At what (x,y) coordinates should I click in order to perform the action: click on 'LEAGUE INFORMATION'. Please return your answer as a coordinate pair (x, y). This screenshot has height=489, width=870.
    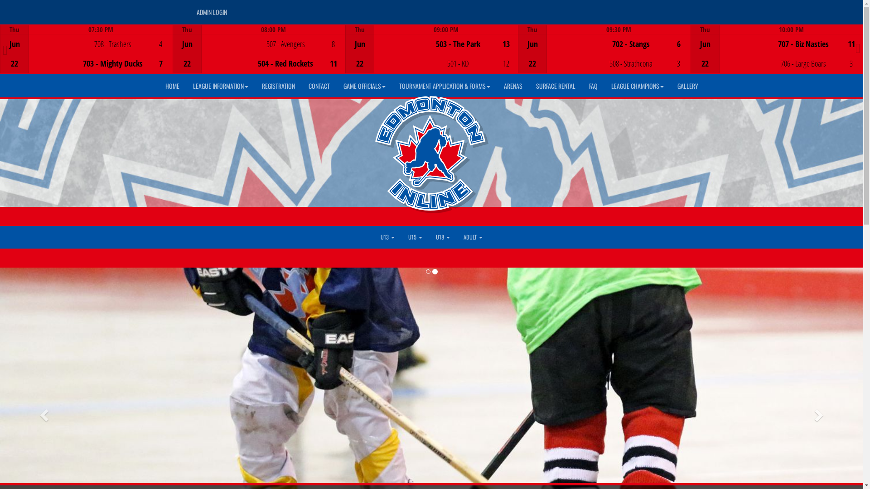
    Looking at the image, I should click on (185, 86).